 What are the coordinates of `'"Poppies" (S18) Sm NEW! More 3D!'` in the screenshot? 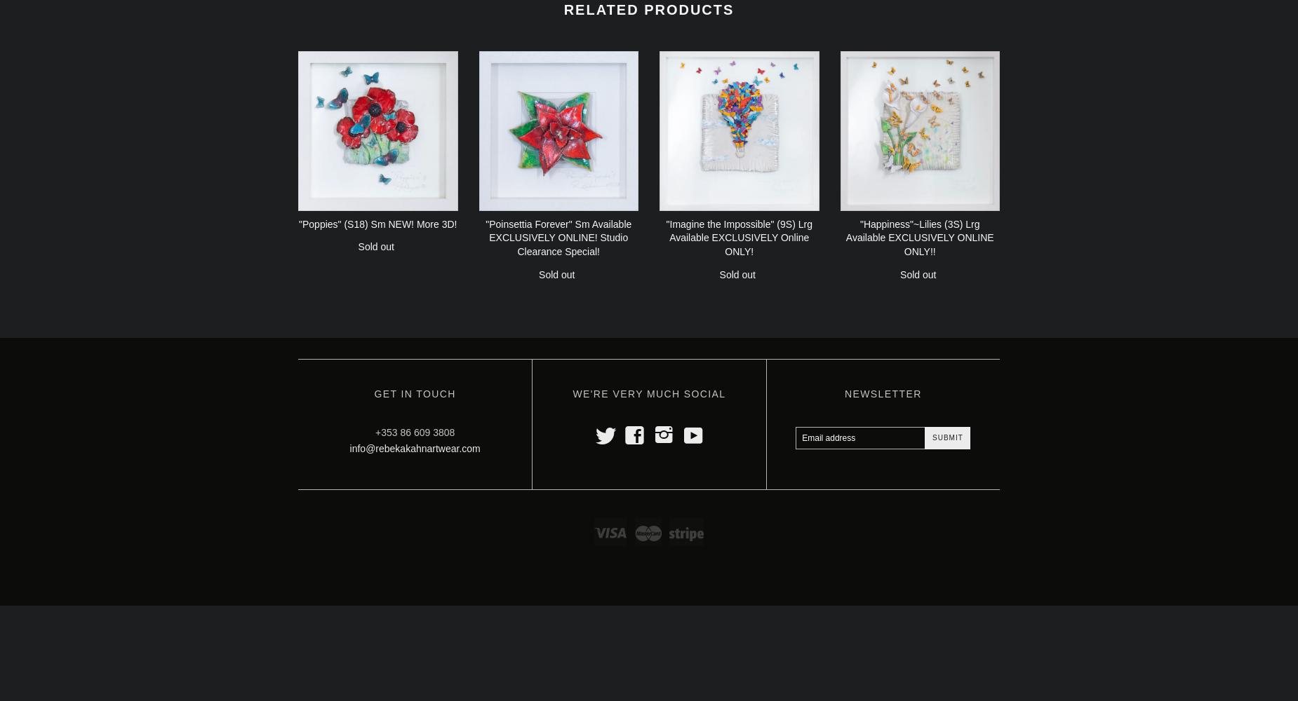 It's located at (377, 223).